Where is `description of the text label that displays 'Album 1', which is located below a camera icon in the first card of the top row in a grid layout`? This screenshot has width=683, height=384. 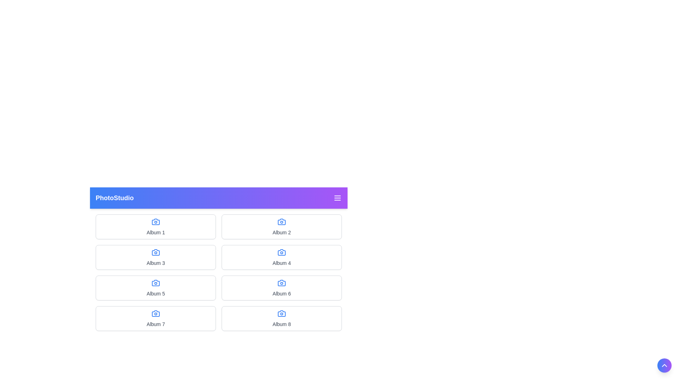 description of the text label that displays 'Album 1', which is located below a camera icon in the first card of the top row in a grid layout is located at coordinates (155, 233).